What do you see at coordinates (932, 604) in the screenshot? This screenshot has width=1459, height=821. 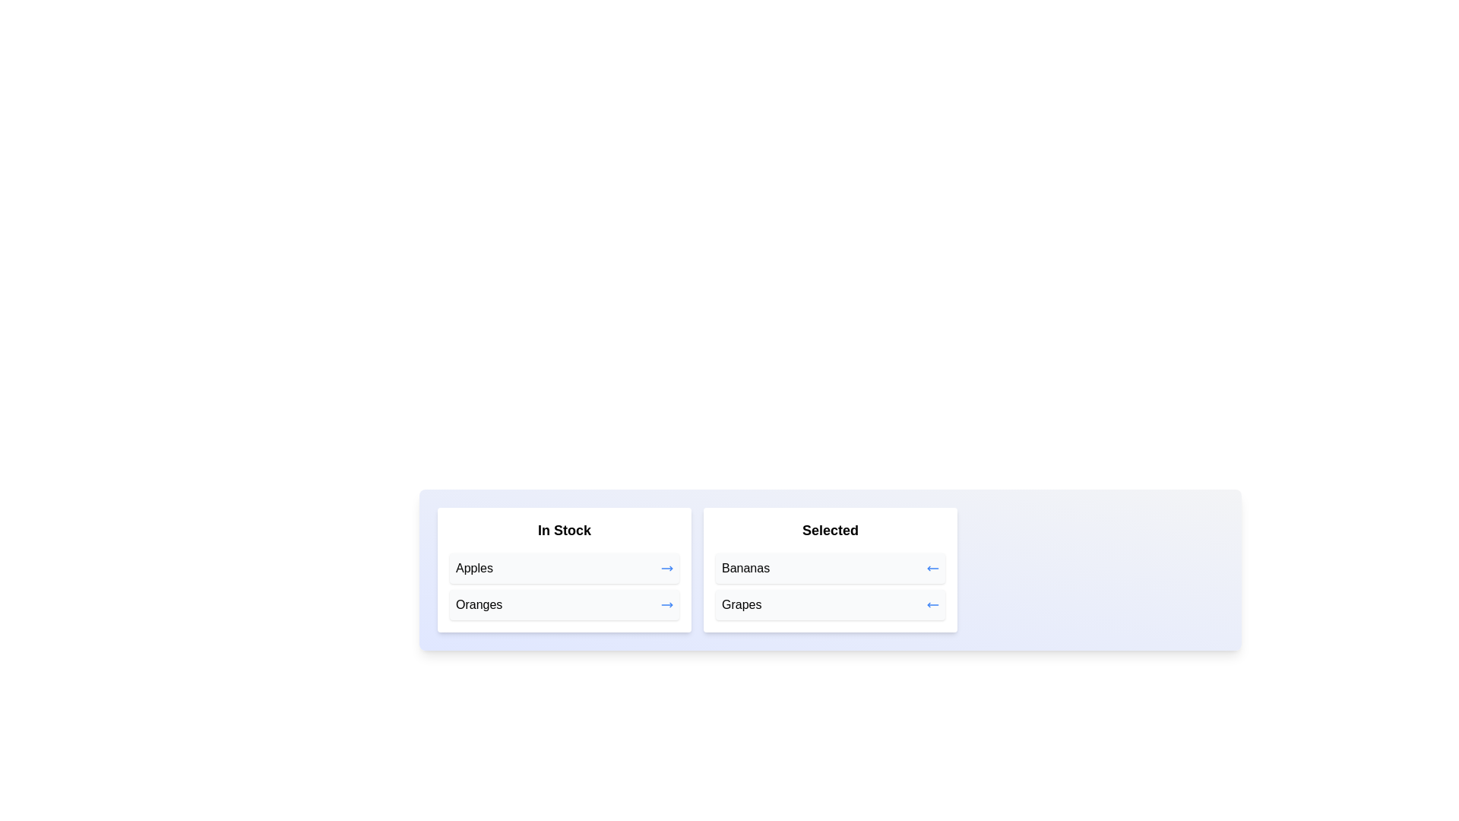 I see `arrow button next to the item Grapes in the 'Selected' list to move it to the 'In Stock' list` at bounding box center [932, 604].